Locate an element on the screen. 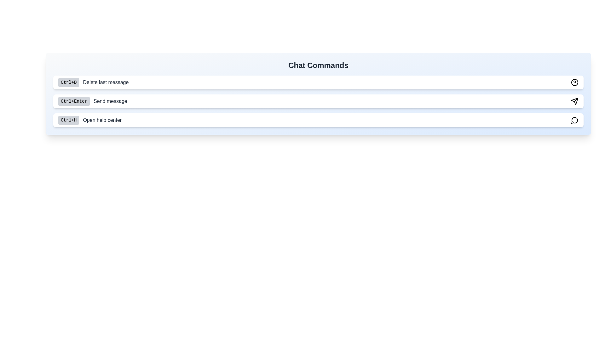 The width and height of the screenshot is (605, 340). the 'send' action icon, which is a small clickable button positioned in the second row of action items is located at coordinates (575, 101).